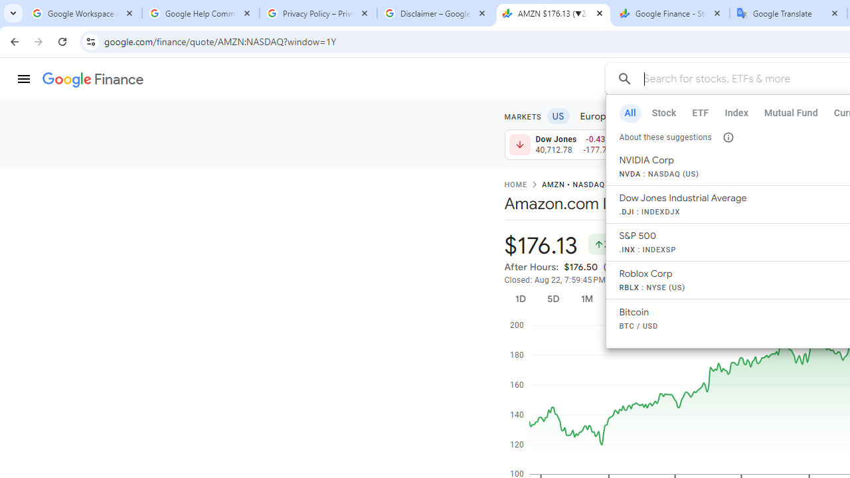 The image size is (850, 478). What do you see at coordinates (792, 115) in the screenshot?
I see `'Futures'` at bounding box center [792, 115].